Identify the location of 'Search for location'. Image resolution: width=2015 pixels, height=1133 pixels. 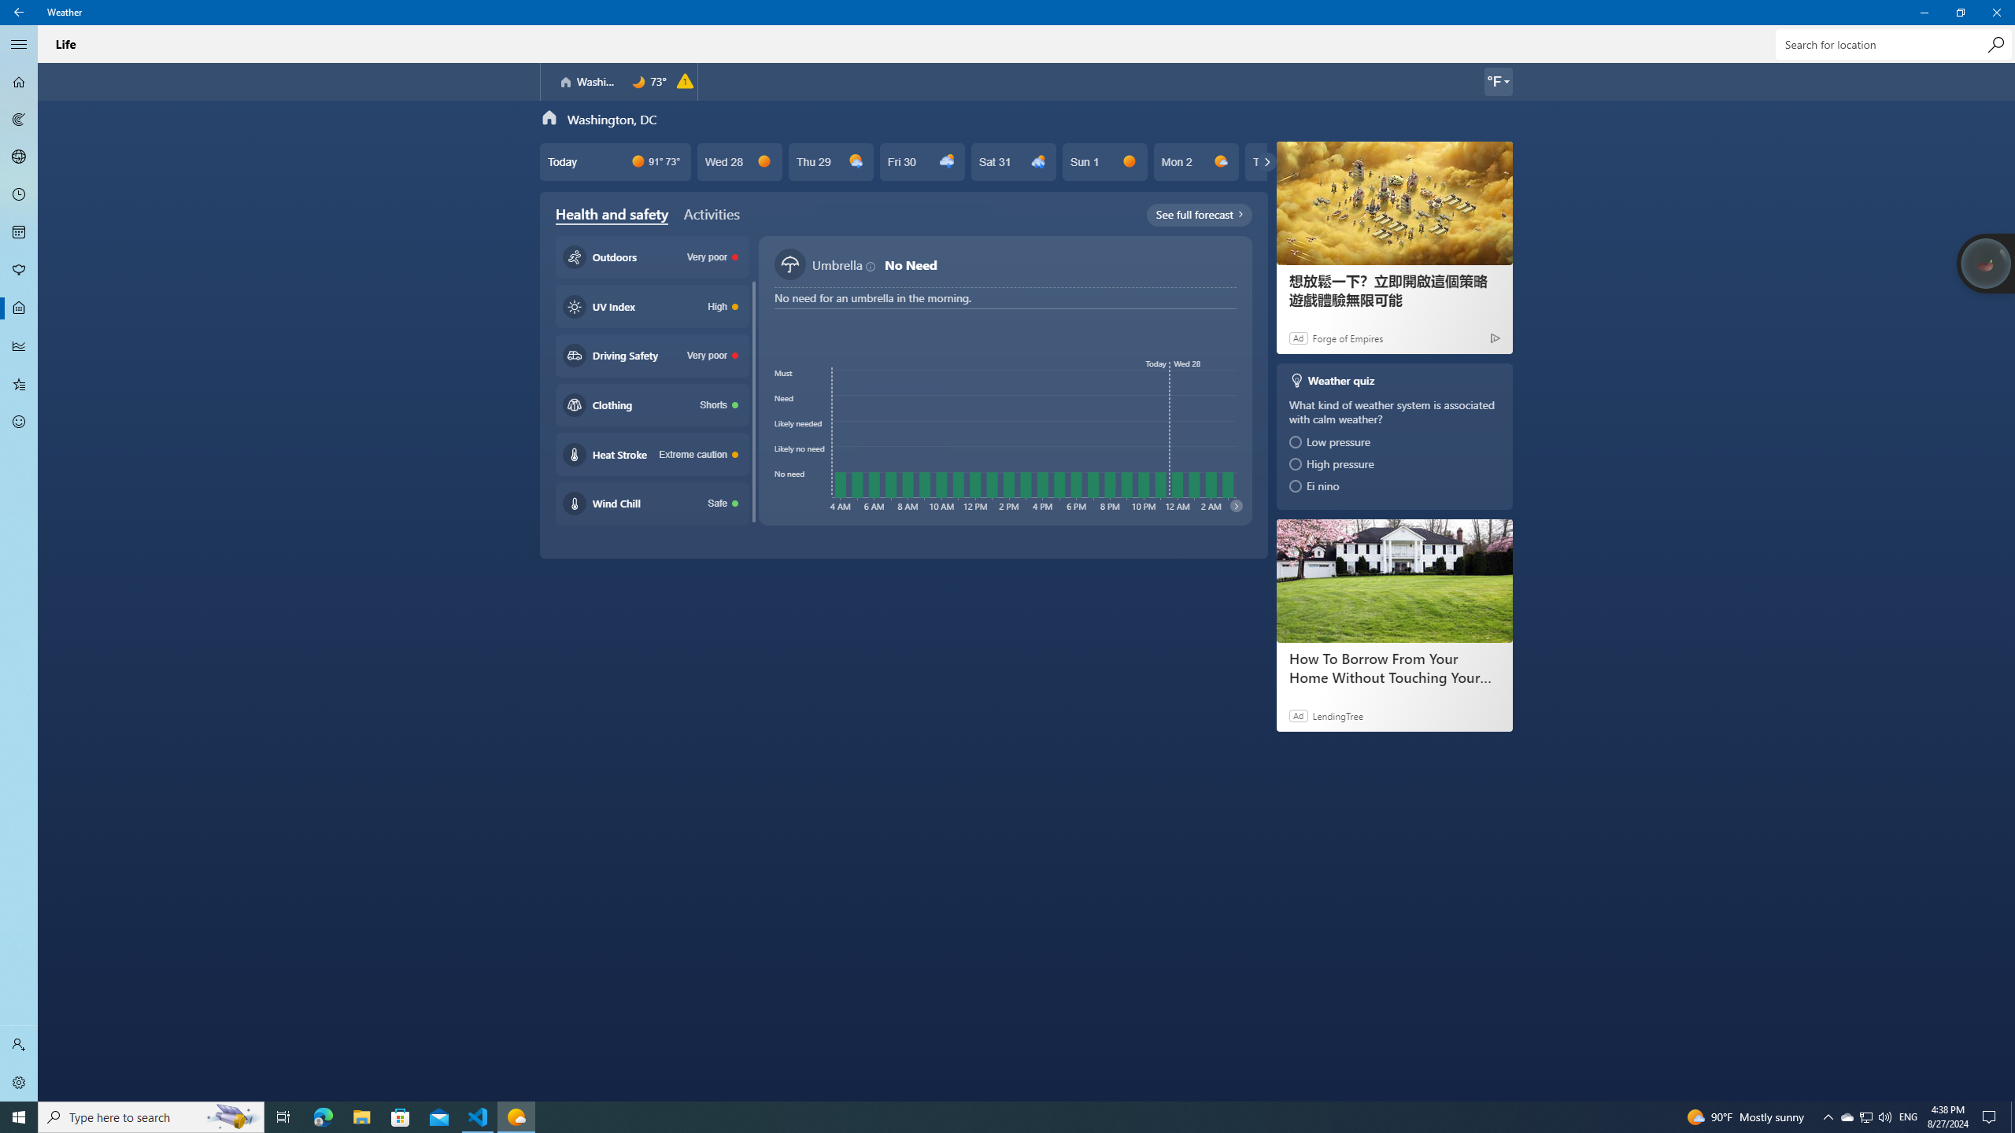
(1893, 43).